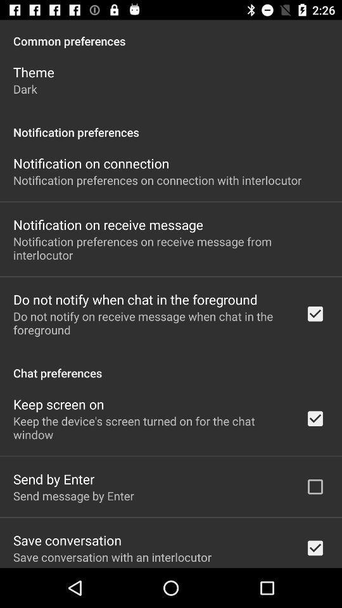 The image size is (342, 608). Describe the element at coordinates (171, 34) in the screenshot. I see `common preferences app` at that location.